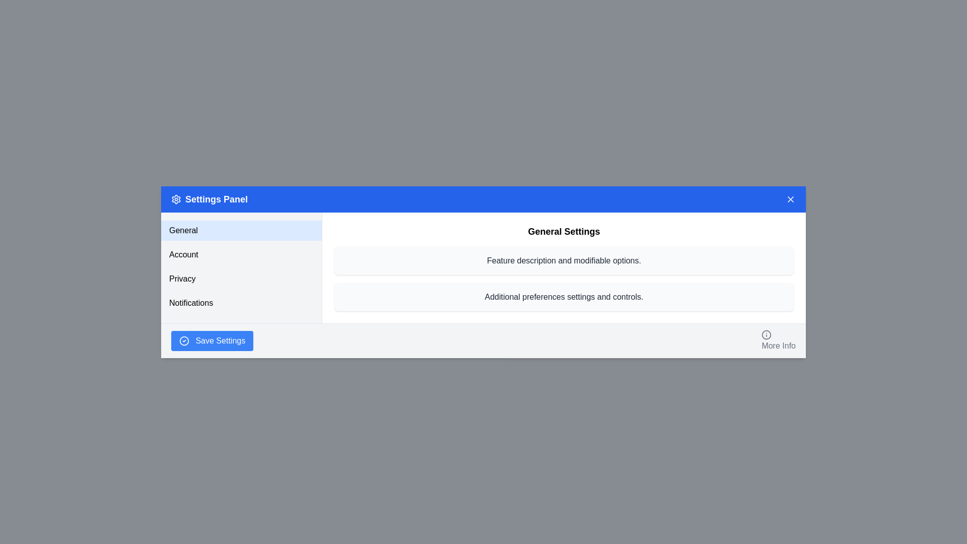 The width and height of the screenshot is (967, 544). What do you see at coordinates (176, 198) in the screenshot?
I see `the settings icon located in the top left corner of the interface, adjacent to the 'Settings Panel' text` at bounding box center [176, 198].